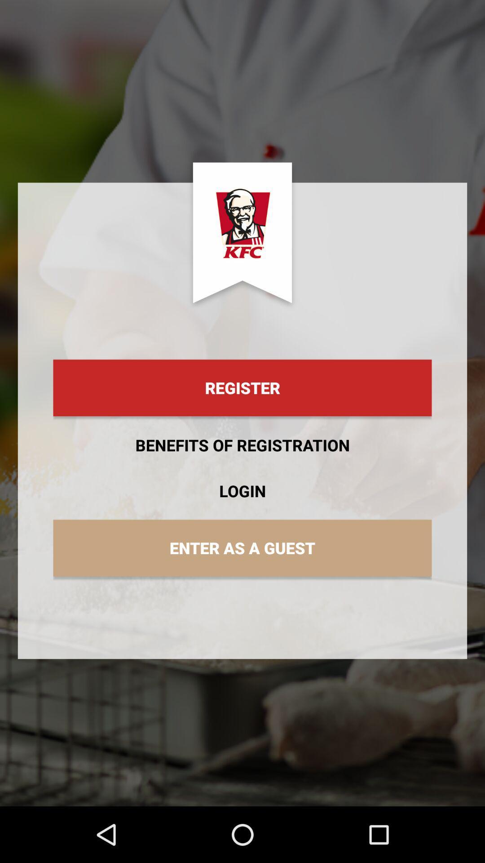 Image resolution: width=485 pixels, height=863 pixels. I want to click on the login, so click(242, 490).